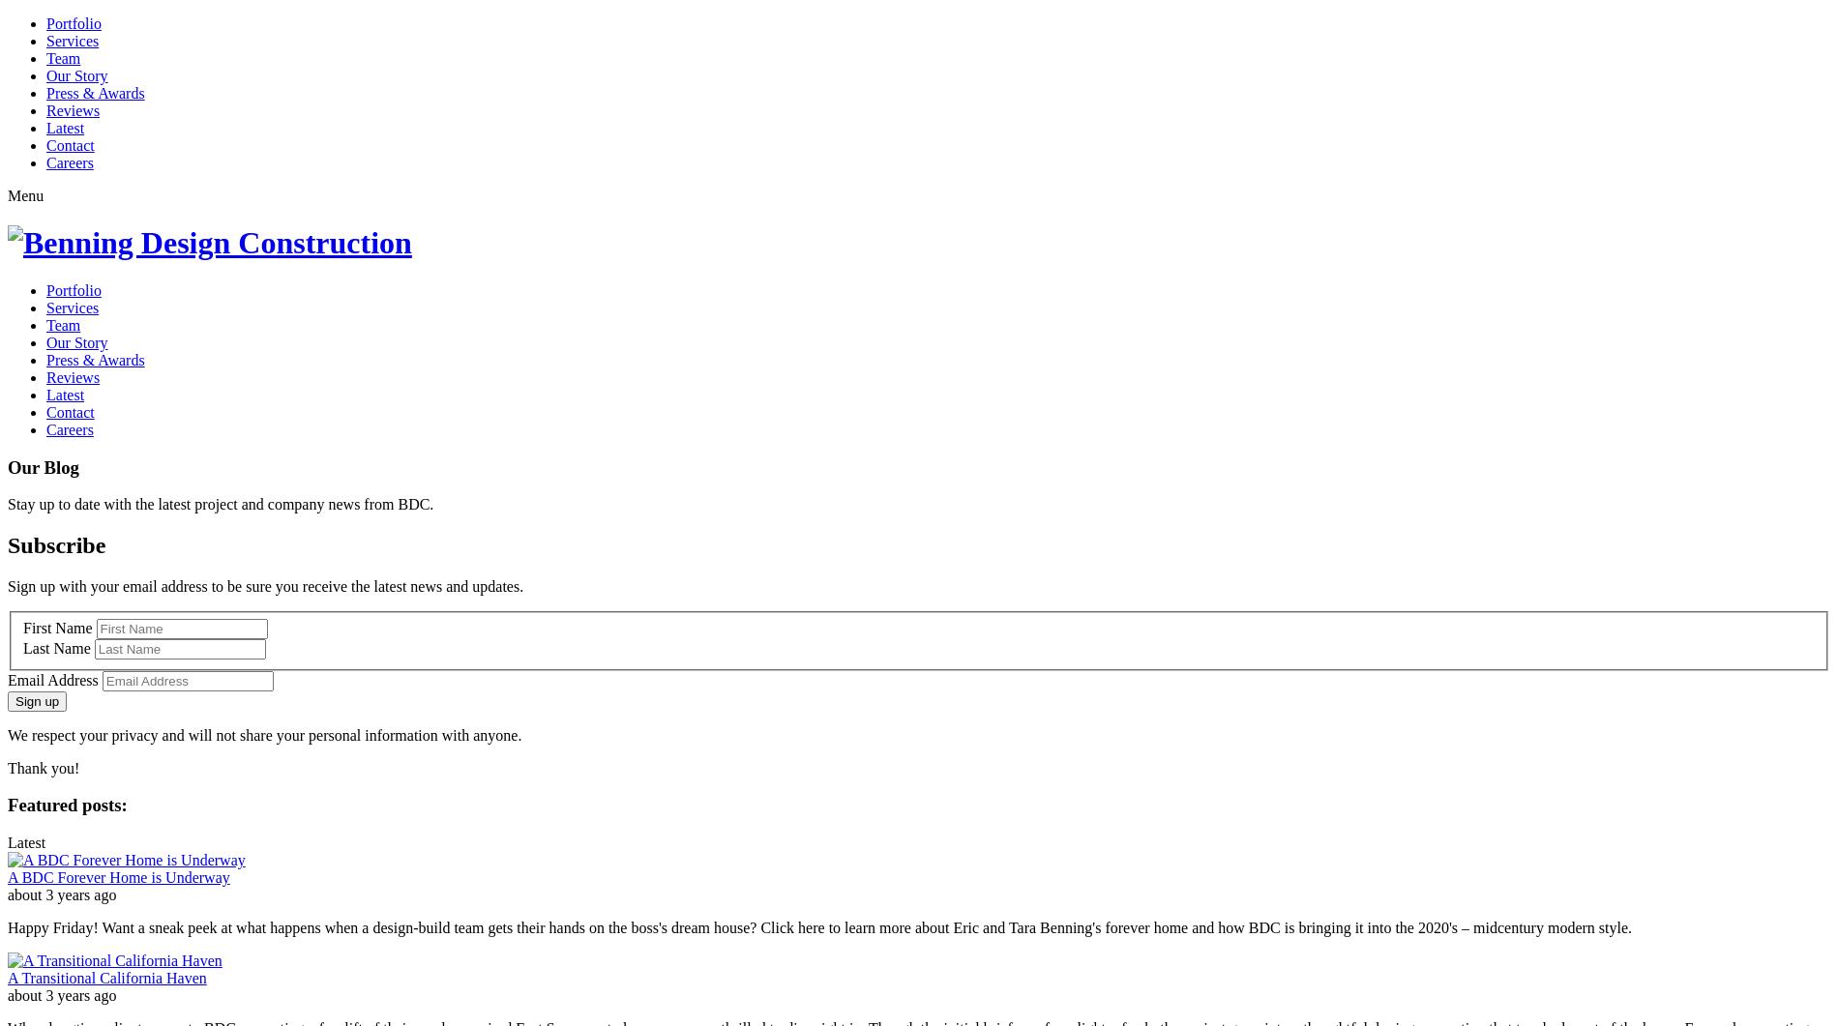 The width and height of the screenshot is (1838, 1026). I want to click on 'A BDC Forever Home is Underway', so click(118, 876).